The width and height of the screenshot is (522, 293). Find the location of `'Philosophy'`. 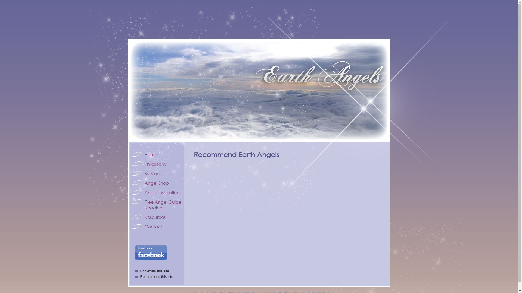

'Philosophy' is located at coordinates (157, 164).